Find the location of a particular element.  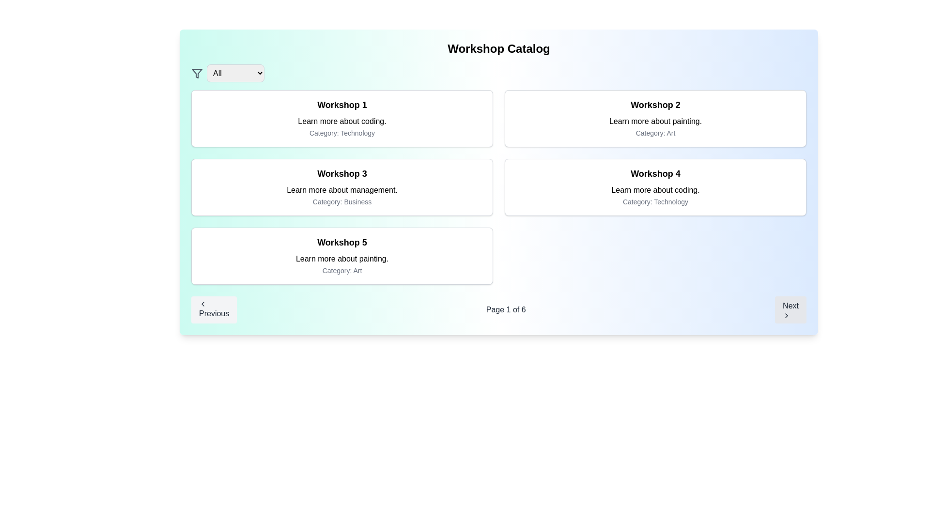

the button with a chevron icon located in the bottom-right corner of the interface is located at coordinates (790, 310).